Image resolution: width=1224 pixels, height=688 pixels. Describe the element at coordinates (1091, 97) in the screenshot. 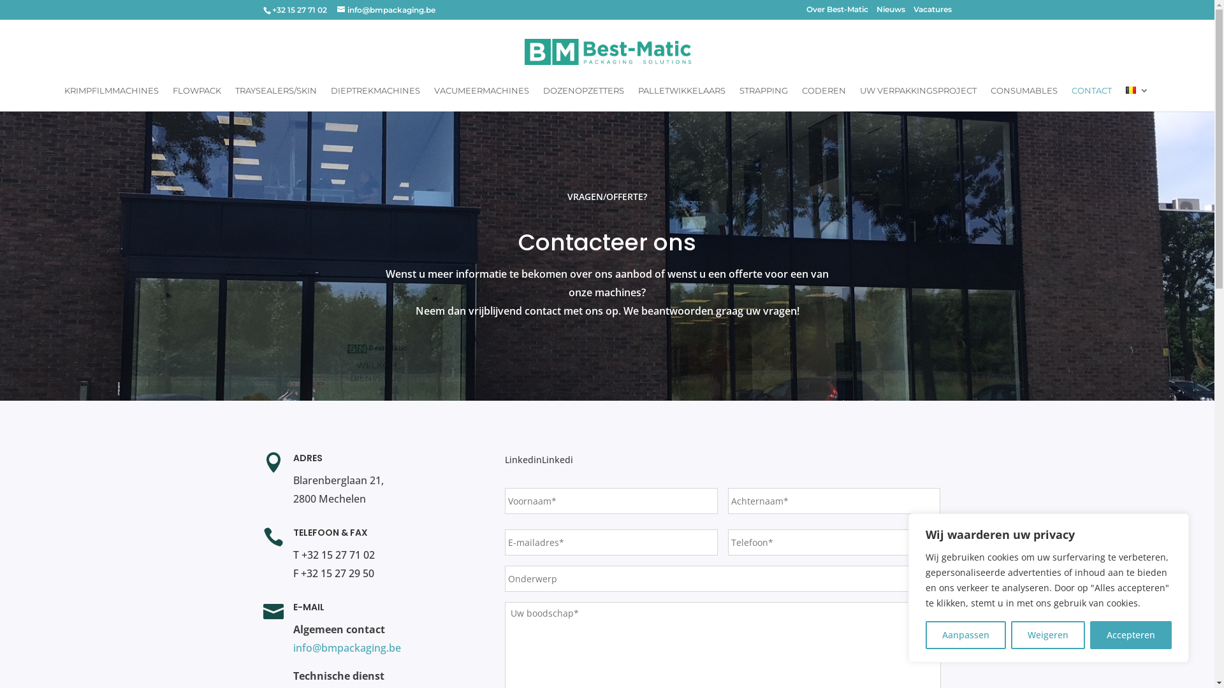

I see `'CONTACT'` at that location.